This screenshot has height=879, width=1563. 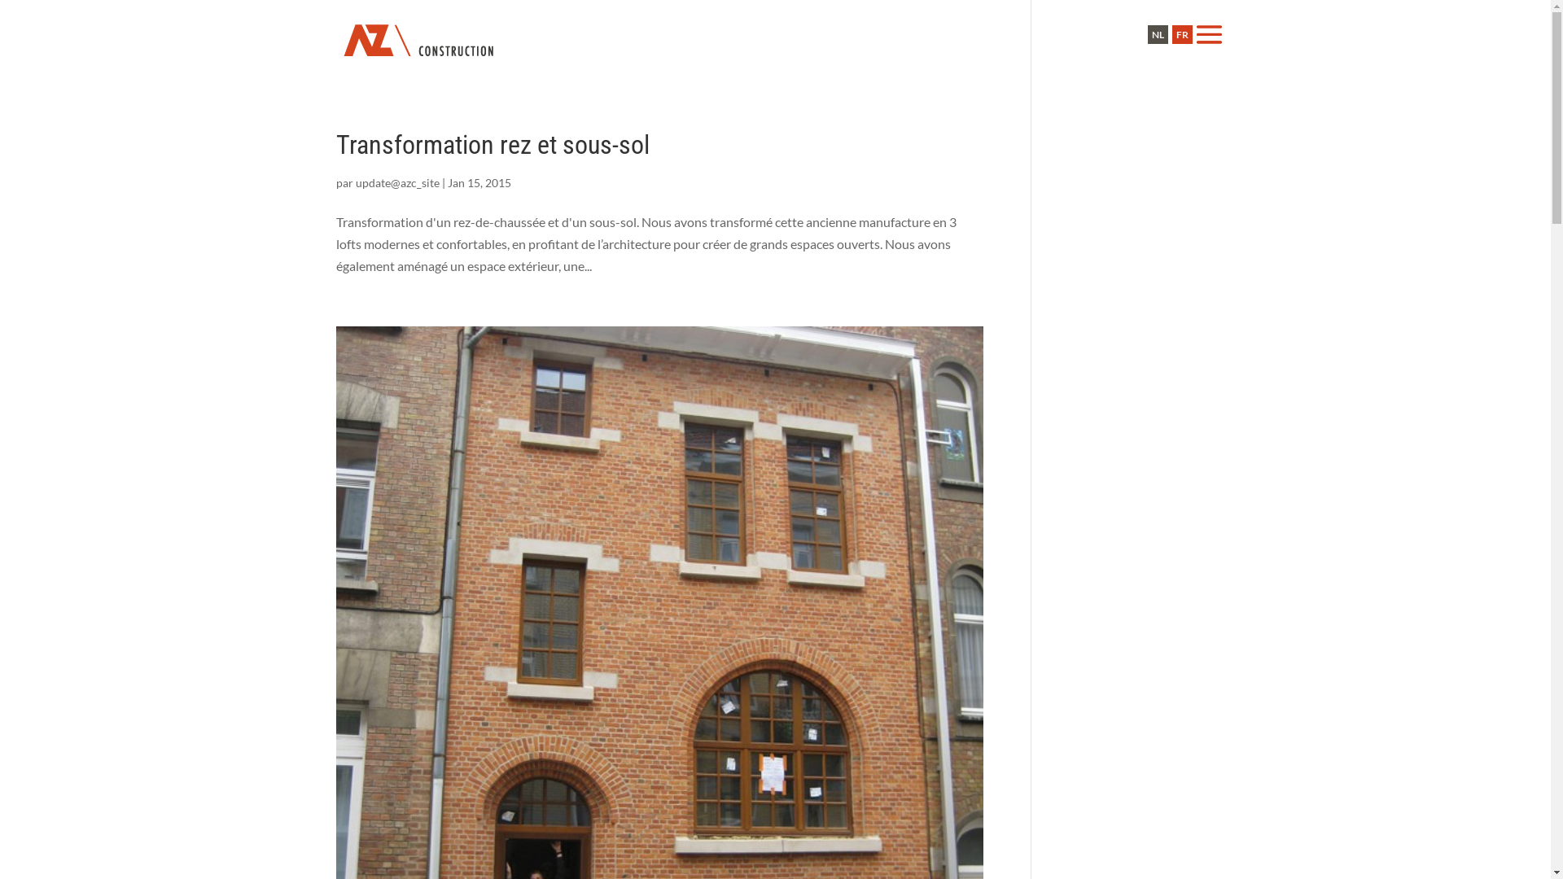 I want to click on 'update@azc_site', so click(x=396, y=182).